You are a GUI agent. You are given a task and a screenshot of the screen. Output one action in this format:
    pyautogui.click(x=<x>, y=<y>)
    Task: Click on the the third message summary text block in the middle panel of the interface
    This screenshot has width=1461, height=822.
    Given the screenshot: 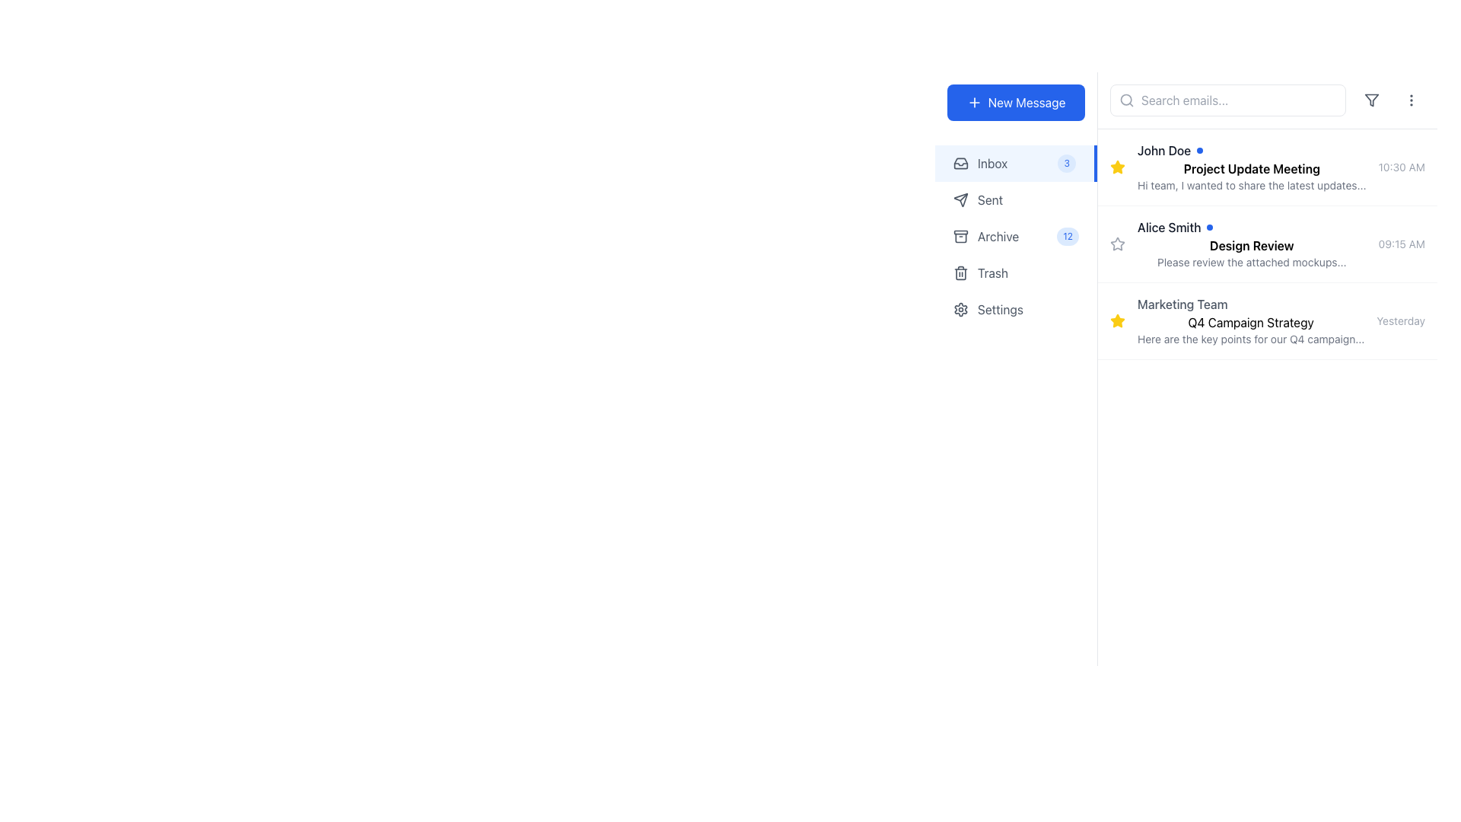 What is the action you would take?
    pyautogui.click(x=1251, y=320)
    